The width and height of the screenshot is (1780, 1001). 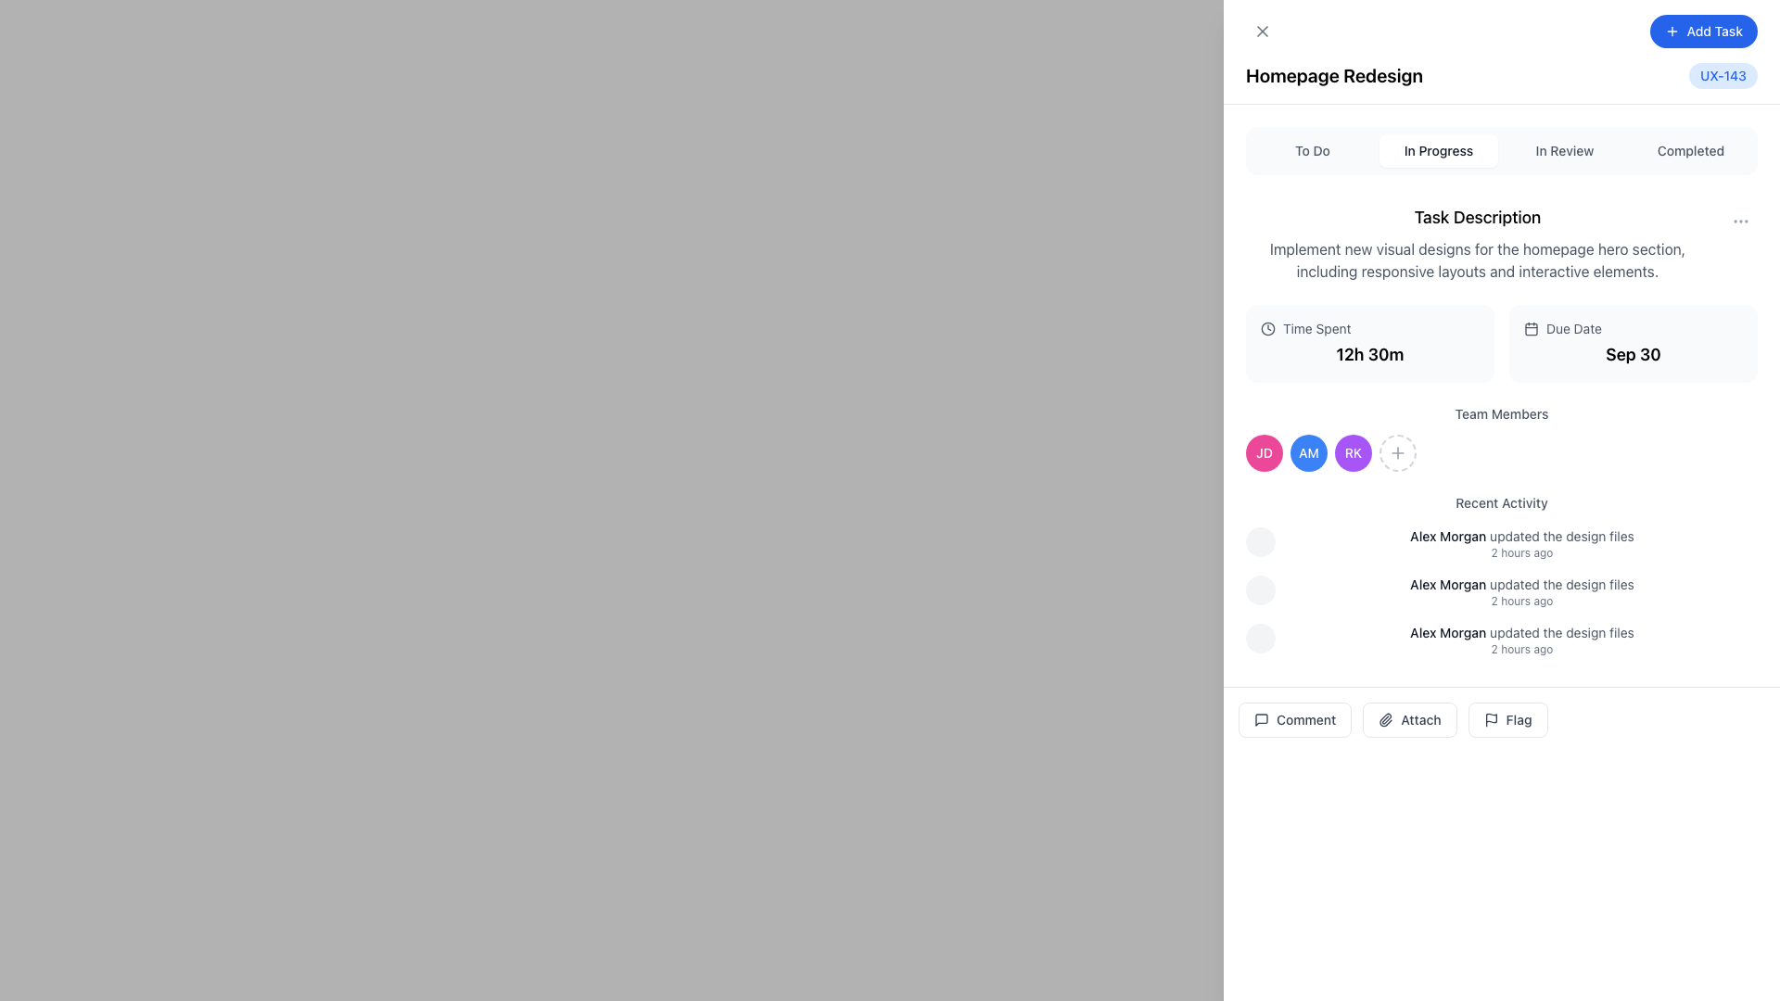 I want to click on the header displaying 'Task Description' which is centrally positioned above the detailed task description, so click(x=1476, y=217).